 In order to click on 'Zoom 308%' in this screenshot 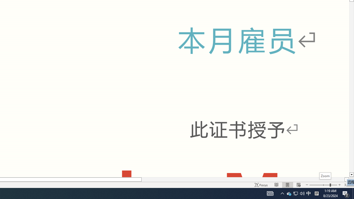, I will do `click(348, 185)`.